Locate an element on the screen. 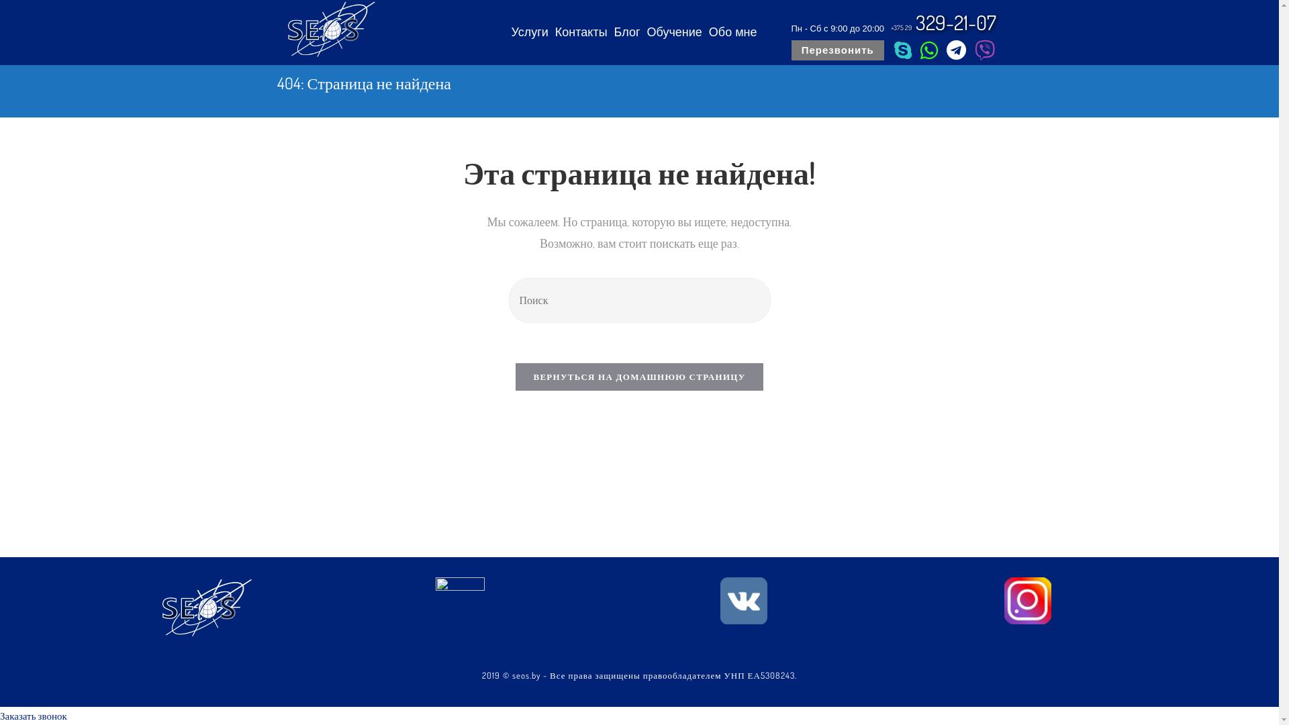 This screenshot has height=725, width=1289. '+375 29 329-21-07' is located at coordinates (943, 22).